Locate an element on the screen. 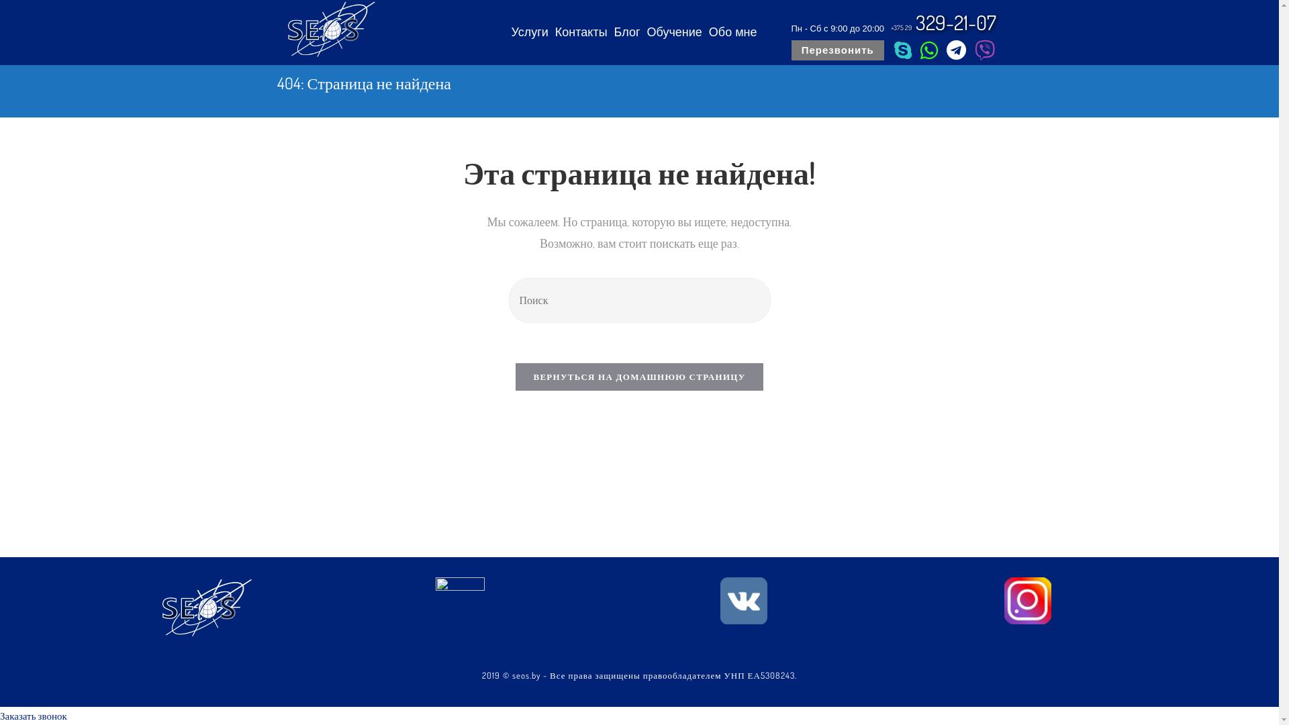 This screenshot has height=725, width=1289. '+375 29 329-21-07' is located at coordinates (943, 22).